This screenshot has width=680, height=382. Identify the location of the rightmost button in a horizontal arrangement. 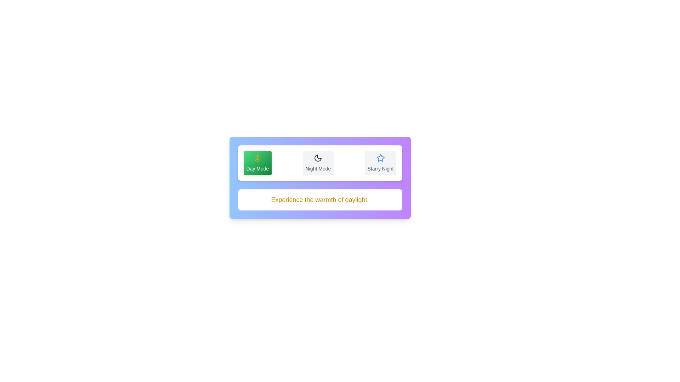
(380, 163).